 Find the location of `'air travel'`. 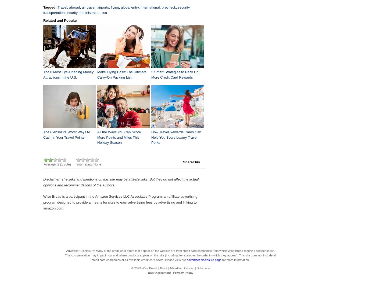

'air travel' is located at coordinates (88, 7).